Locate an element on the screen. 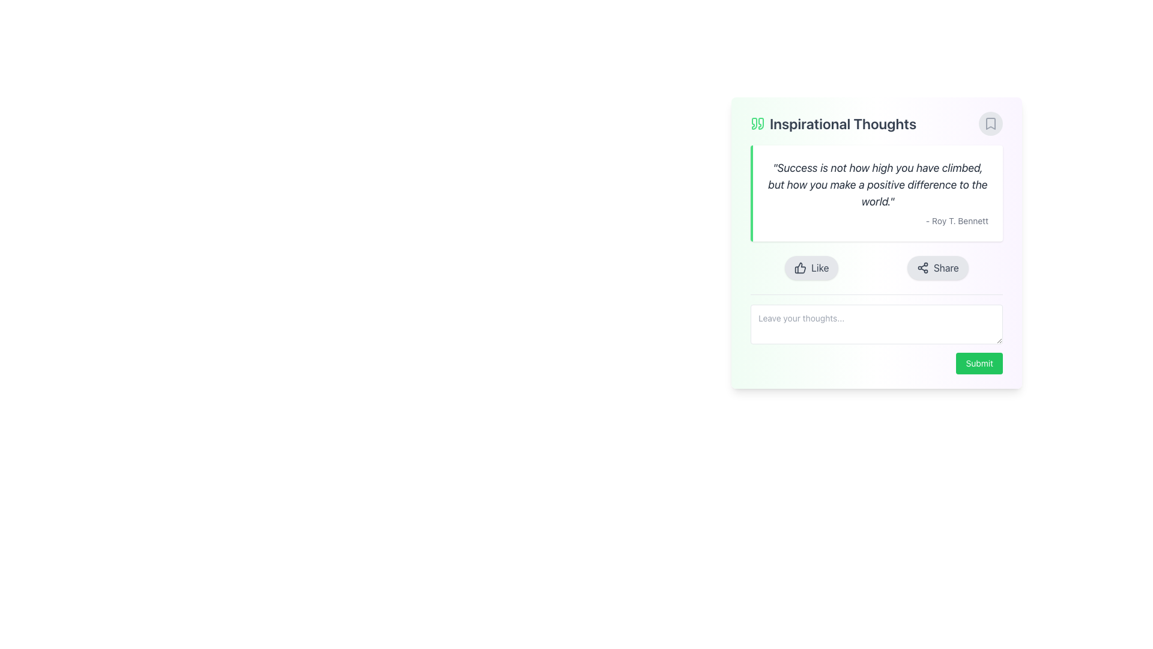 The image size is (1153, 649). the right-hand segment of the double quotation mark icon located in the top-left corner of the 'Inspirational Thoughts' card to emphasize the inspirational quote is located at coordinates (760, 123).